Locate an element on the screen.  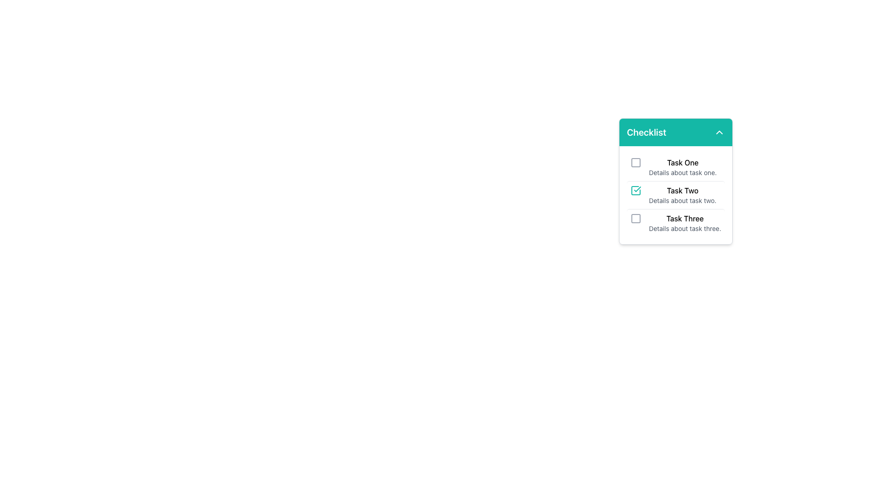
the completion icon for 'Task Two' located in the checklist interface, positioned to the left of the task text is located at coordinates (637, 188).